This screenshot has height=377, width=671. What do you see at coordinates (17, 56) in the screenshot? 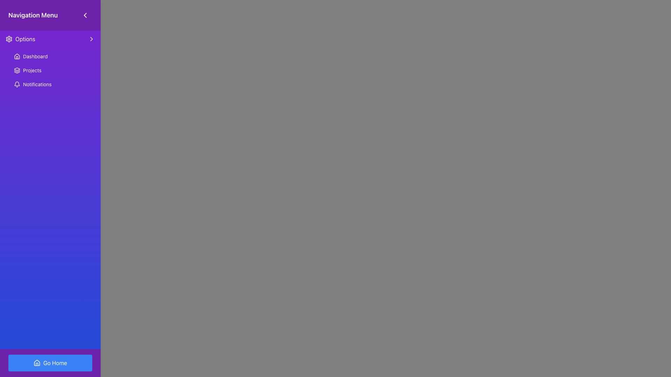
I see `the 'Go Home' icon, which visually represents a house and is located at the bottom of the navigation menu within a blue button` at bounding box center [17, 56].